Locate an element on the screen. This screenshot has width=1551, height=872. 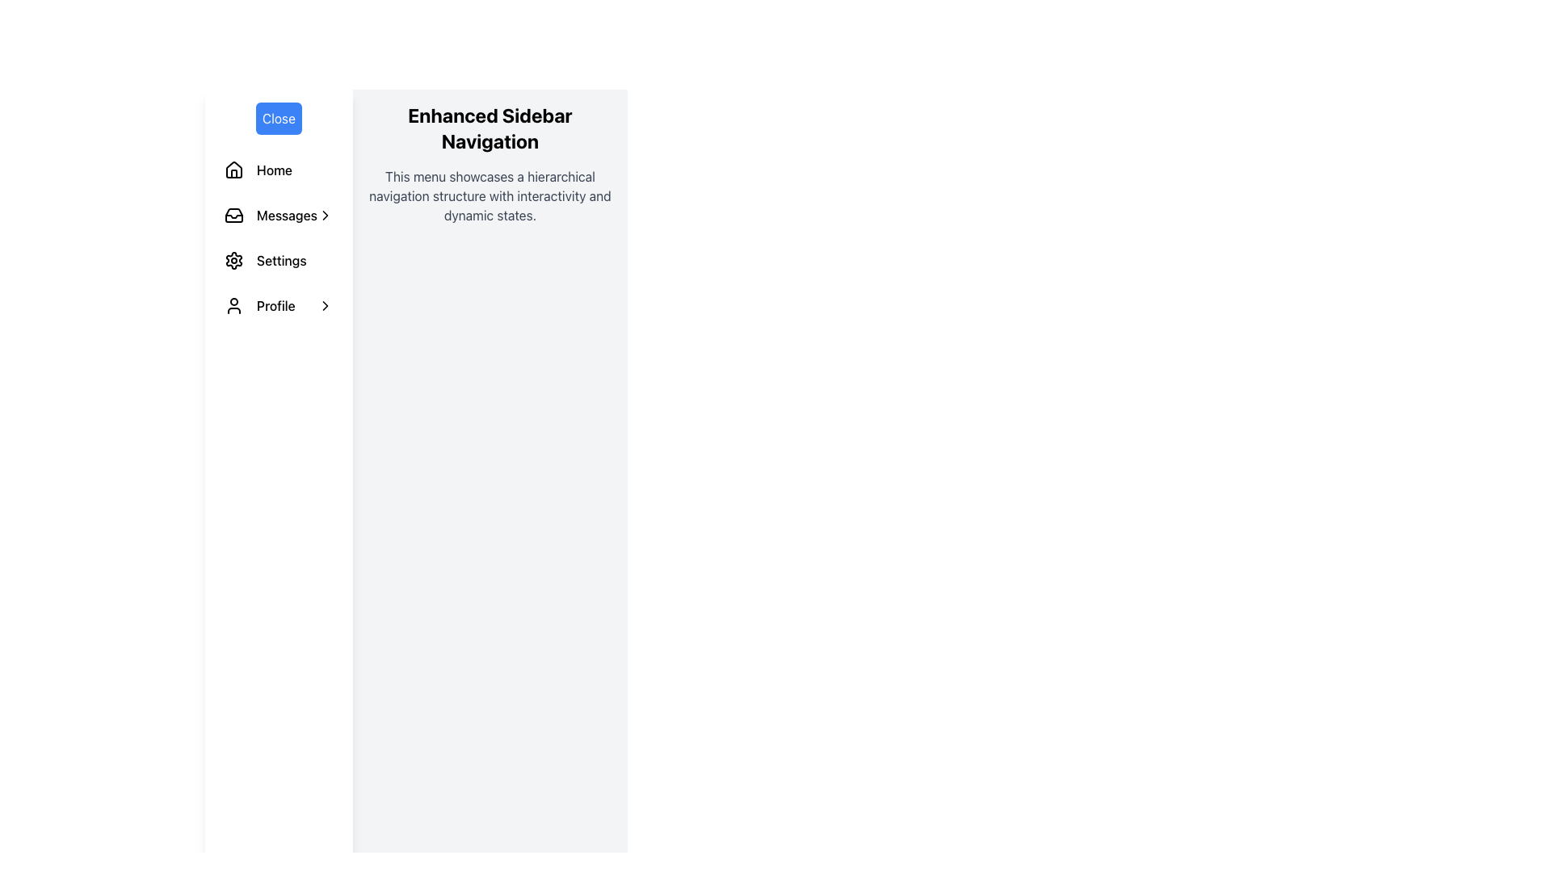
the settings label in the sidebar navigation menu, which is the third item from the top and located to the right of a gear-shaped icon is located at coordinates (295, 260).